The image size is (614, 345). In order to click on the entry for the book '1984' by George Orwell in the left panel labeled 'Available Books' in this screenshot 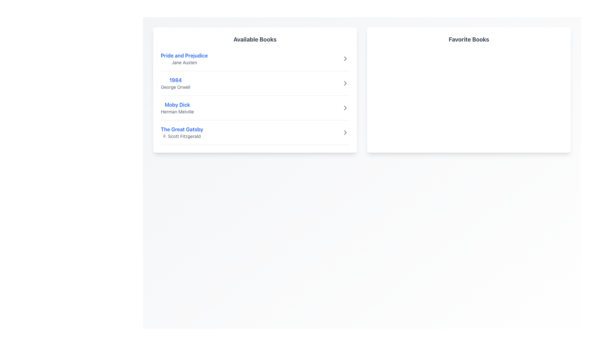, I will do `click(176, 83)`.